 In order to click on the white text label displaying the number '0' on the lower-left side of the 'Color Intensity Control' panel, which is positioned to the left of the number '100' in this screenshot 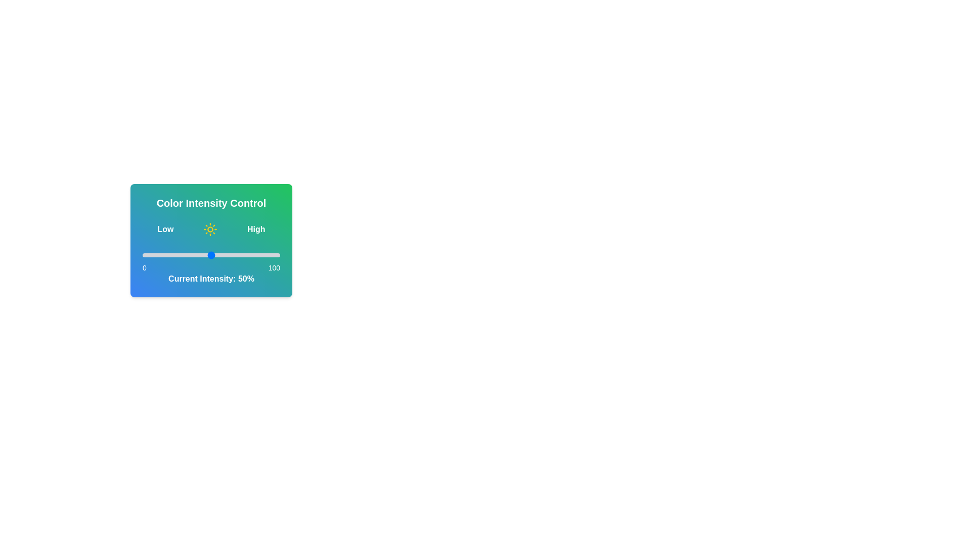, I will do `click(144, 267)`.